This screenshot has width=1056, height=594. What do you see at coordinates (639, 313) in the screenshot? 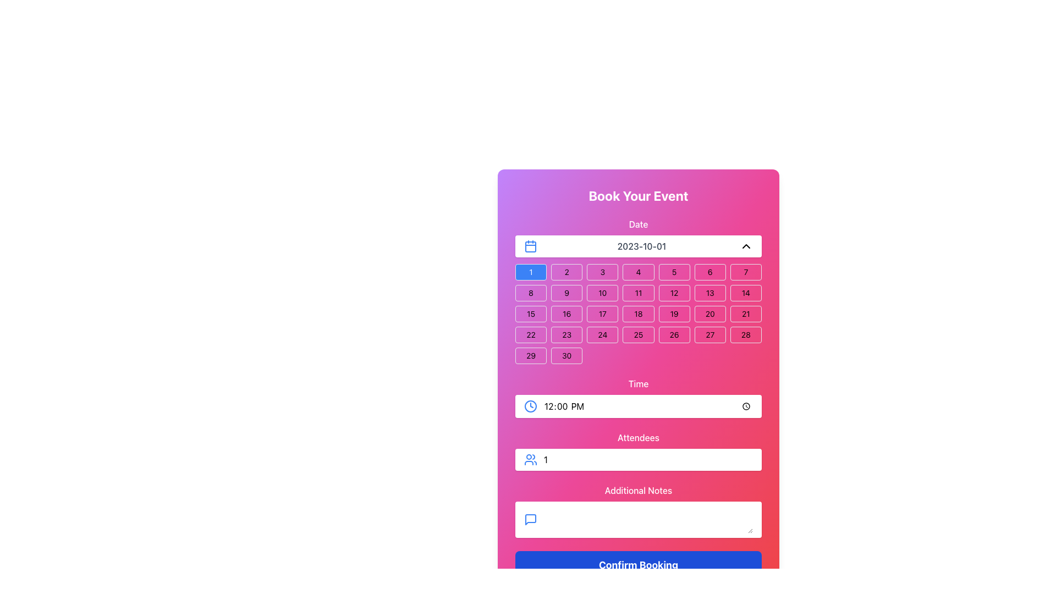
I see `the button representing the date in the grid layout of the calendar, located centrally in the 'Date' section below the selected date '2023-10-01'` at bounding box center [639, 313].